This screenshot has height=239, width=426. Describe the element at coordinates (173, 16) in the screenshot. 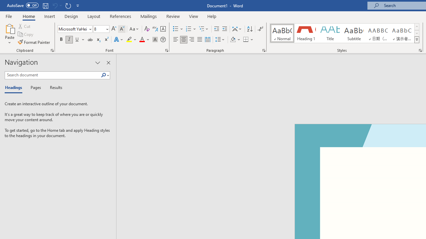

I see `'Review'` at that location.